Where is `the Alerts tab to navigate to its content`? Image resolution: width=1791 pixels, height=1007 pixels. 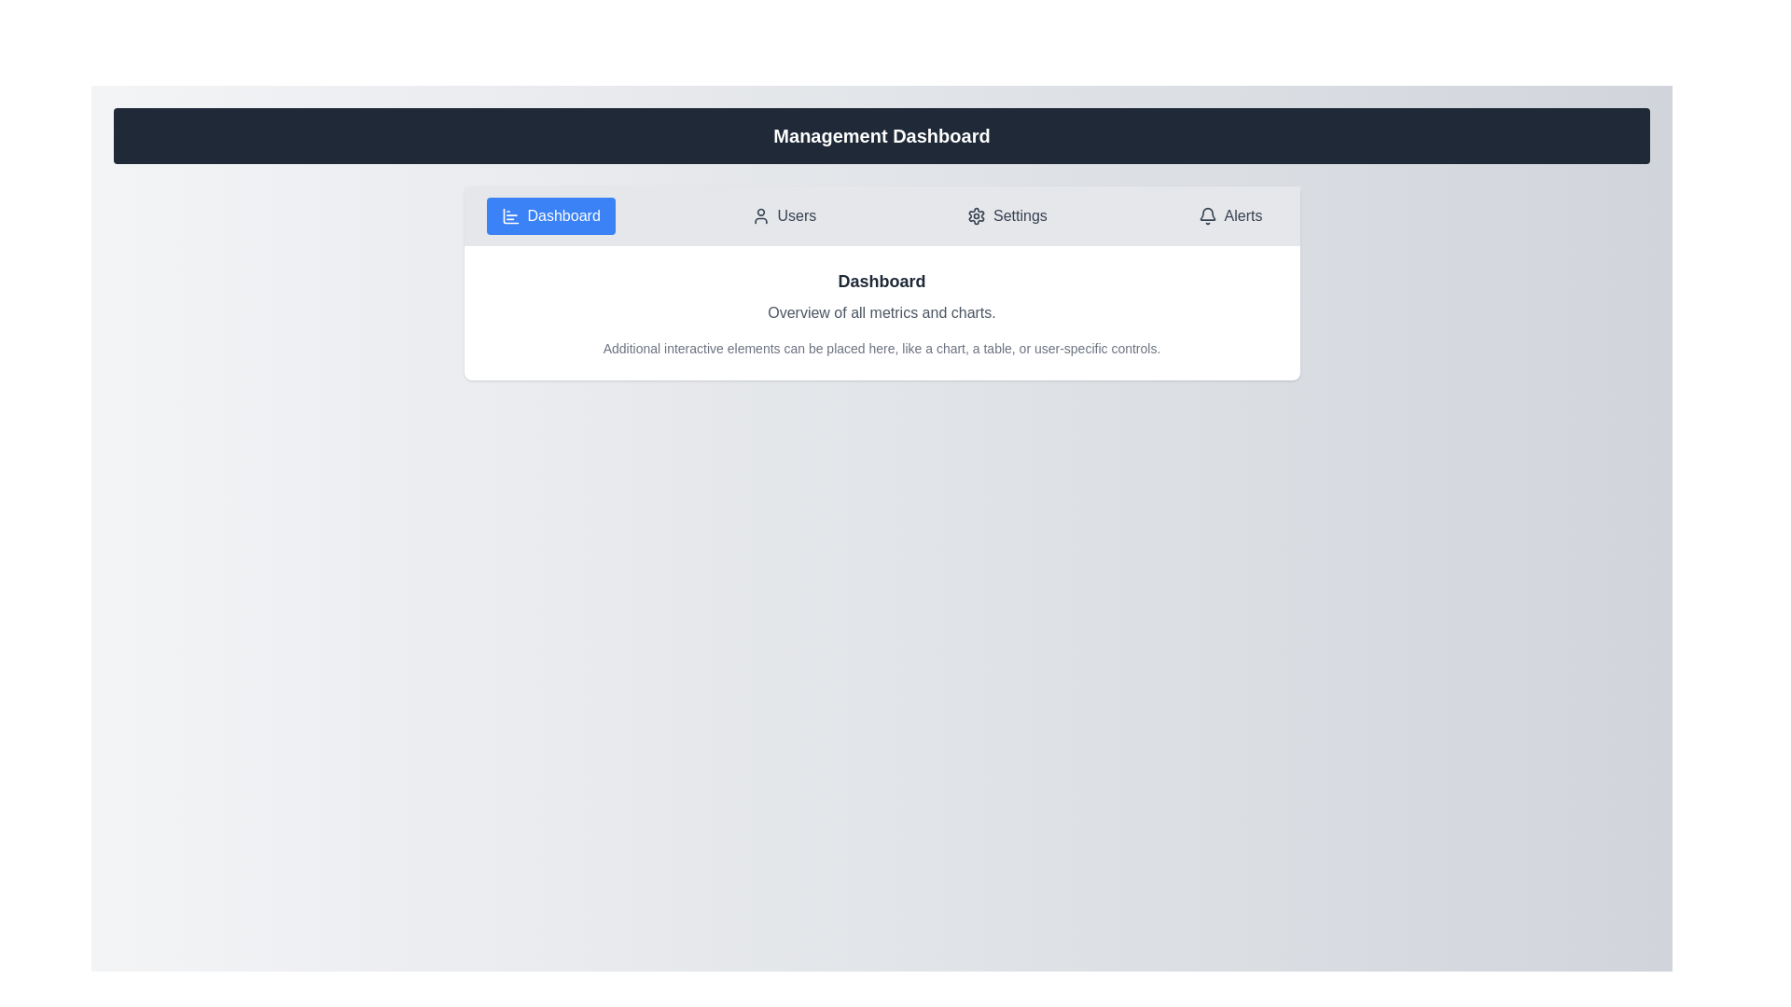
the Alerts tab to navigate to its content is located at coordinates (1230, 214).